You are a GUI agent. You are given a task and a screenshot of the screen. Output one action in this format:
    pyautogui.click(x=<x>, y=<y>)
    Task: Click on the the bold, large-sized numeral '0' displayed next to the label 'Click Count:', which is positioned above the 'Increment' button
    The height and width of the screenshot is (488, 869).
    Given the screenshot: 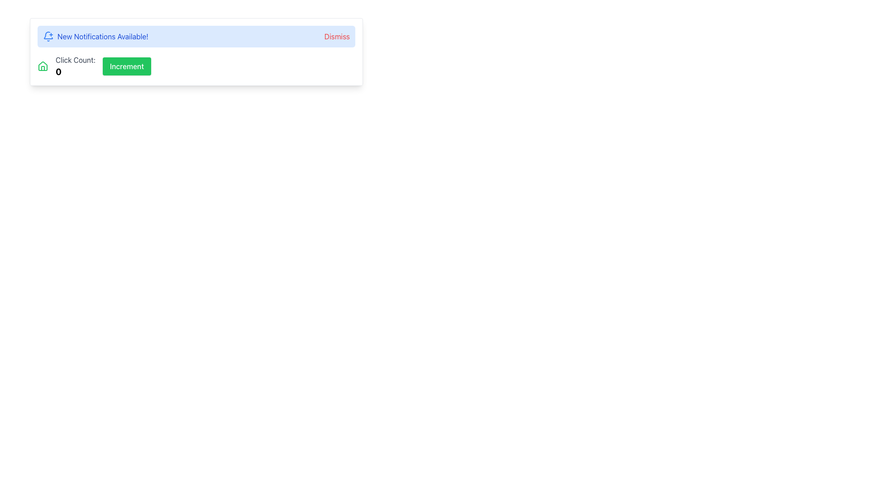 What is the action you would take?
    pyautogui.click(x=58, y=71)
    